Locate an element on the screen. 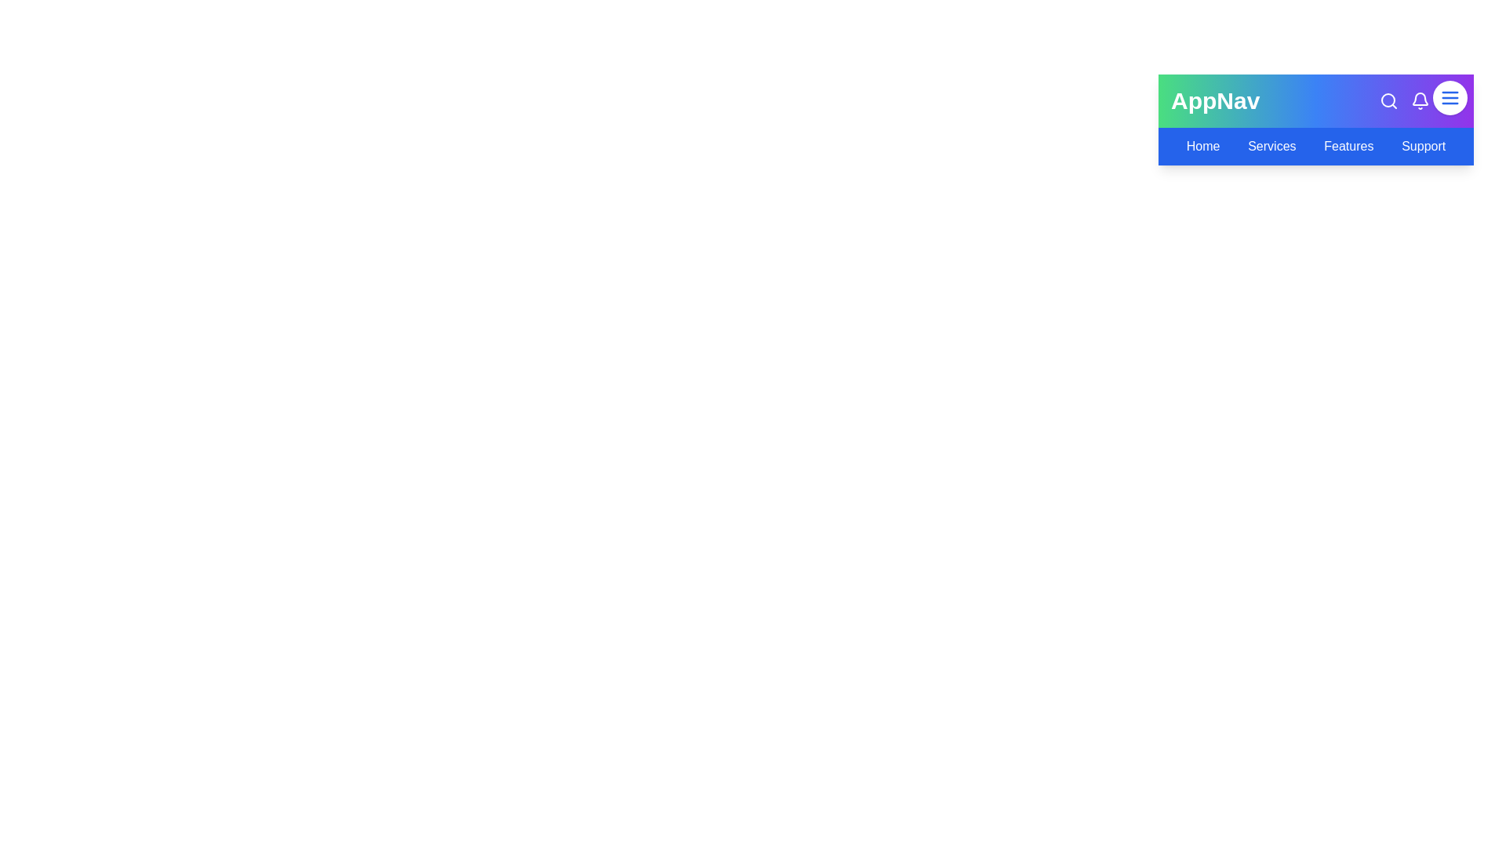 The image size is (1506, 847). the navigation link Support is located at coordinates (1423, 146).